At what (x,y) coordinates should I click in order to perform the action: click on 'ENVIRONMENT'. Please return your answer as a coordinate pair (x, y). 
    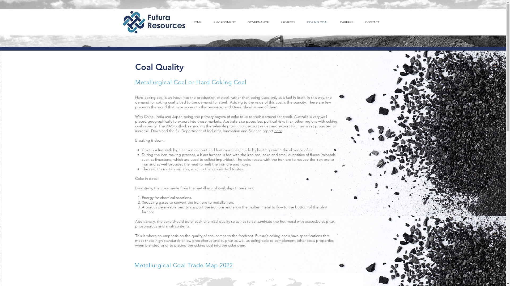
    Looking at the image, I should click on (224, 22).